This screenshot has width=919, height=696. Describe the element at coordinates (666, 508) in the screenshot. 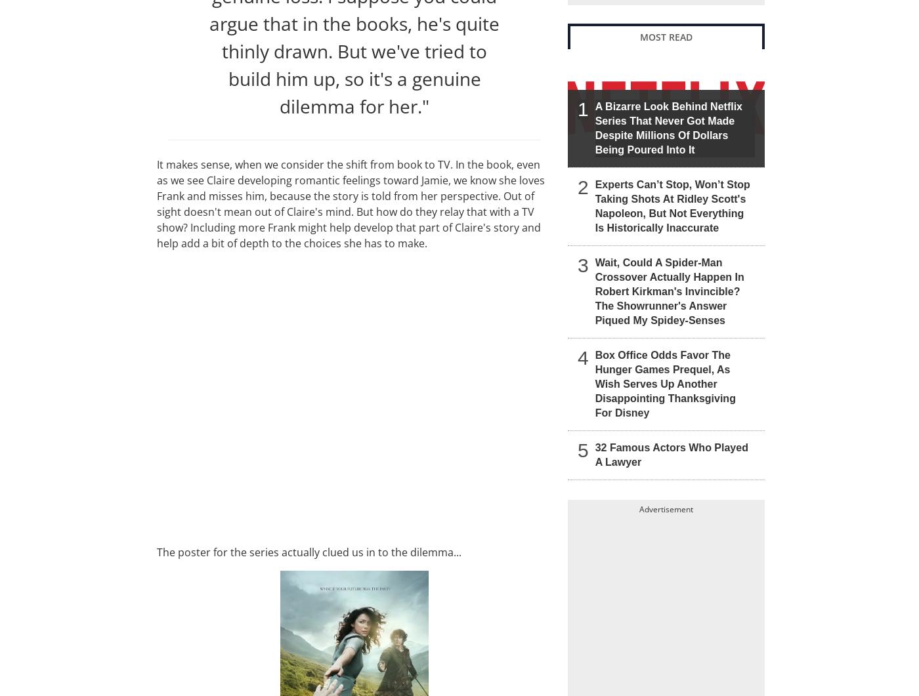

I see `'Advertisement'` at that location.